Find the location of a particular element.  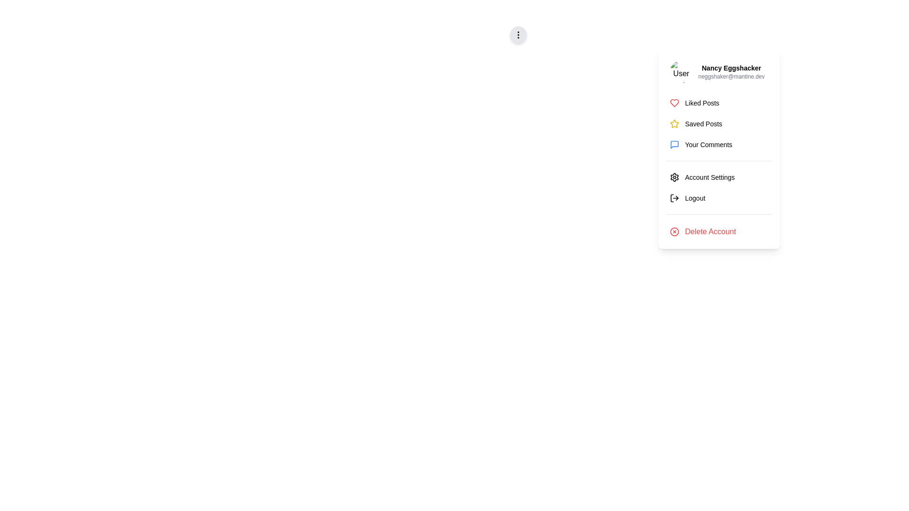

the Profile Info Display element, which shows the user's name and email address in the top-right corner of the dropdown menu is located at coordinates (719, 71).